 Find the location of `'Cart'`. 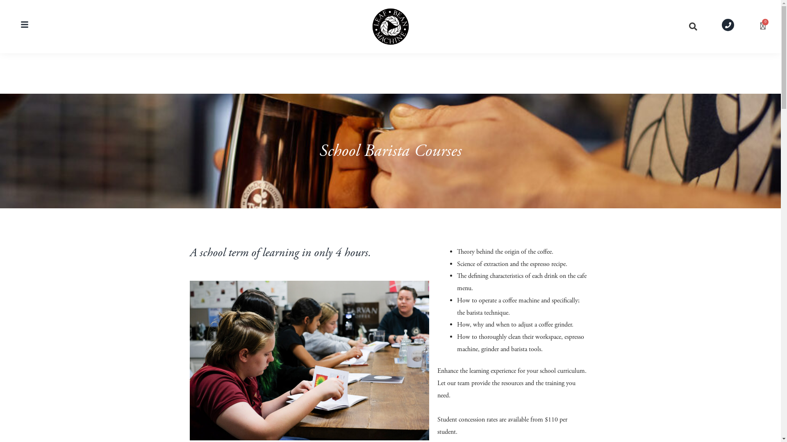

'Cart' is located at coordinates (762, 26).